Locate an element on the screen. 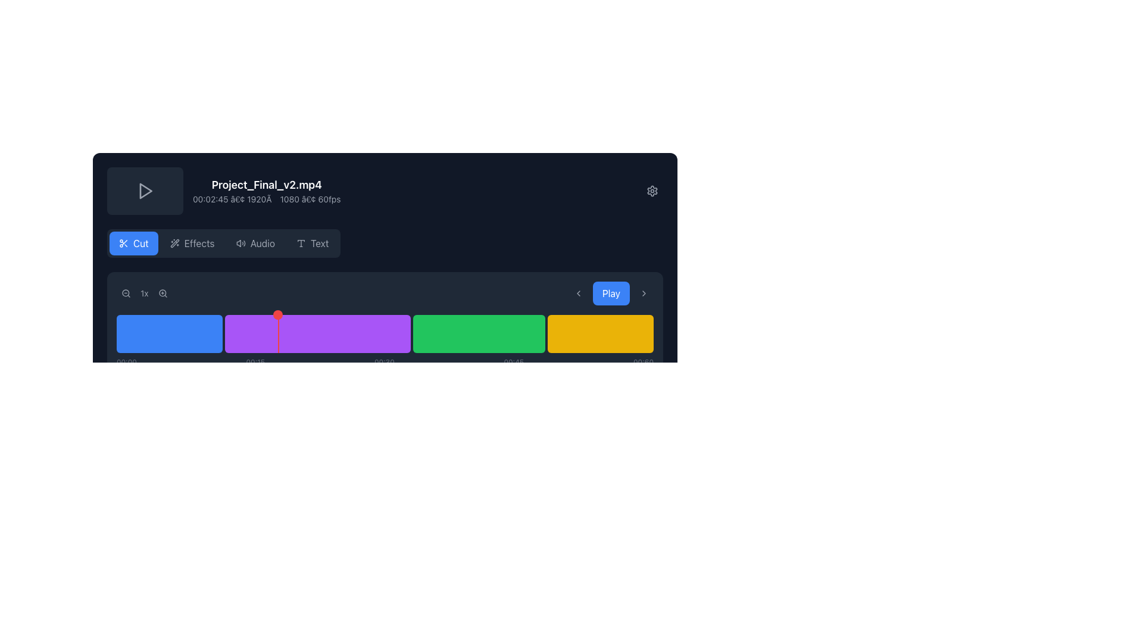  the scissors icon located inside the 'Cut' button, which has a blue background and white text, positioned near the top-left corner of the application interface is located at coordinates (123, 242).